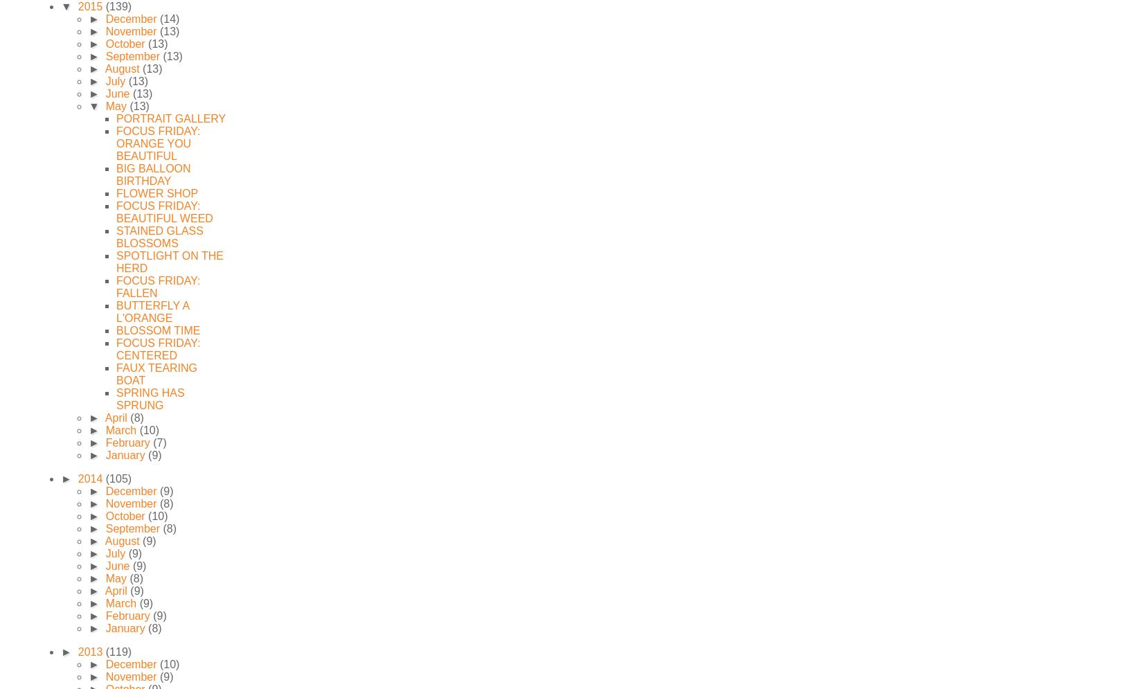 The image size is (1148, 689). What do you see at coordinates (118, 478) in the screenshot?
I see `'(105)'` at bounding box center [118, 478].